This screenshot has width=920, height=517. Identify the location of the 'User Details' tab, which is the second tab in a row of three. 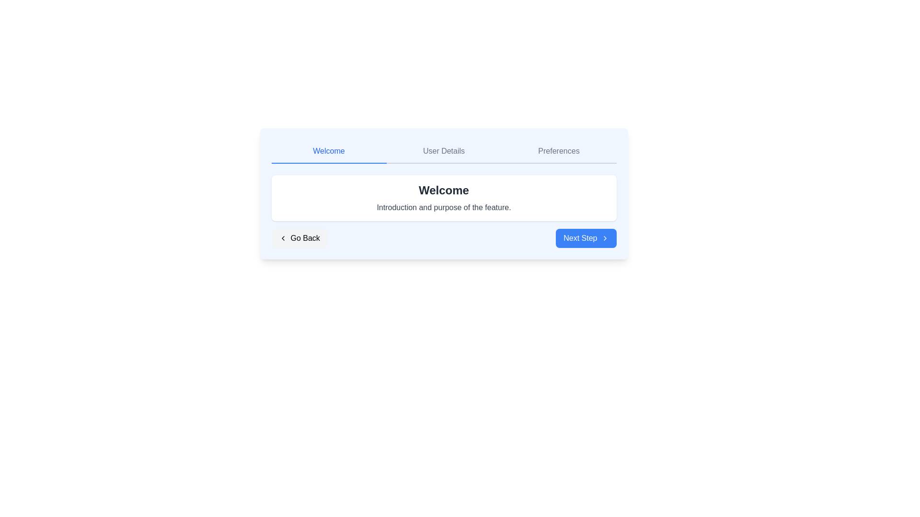
(443, 151).